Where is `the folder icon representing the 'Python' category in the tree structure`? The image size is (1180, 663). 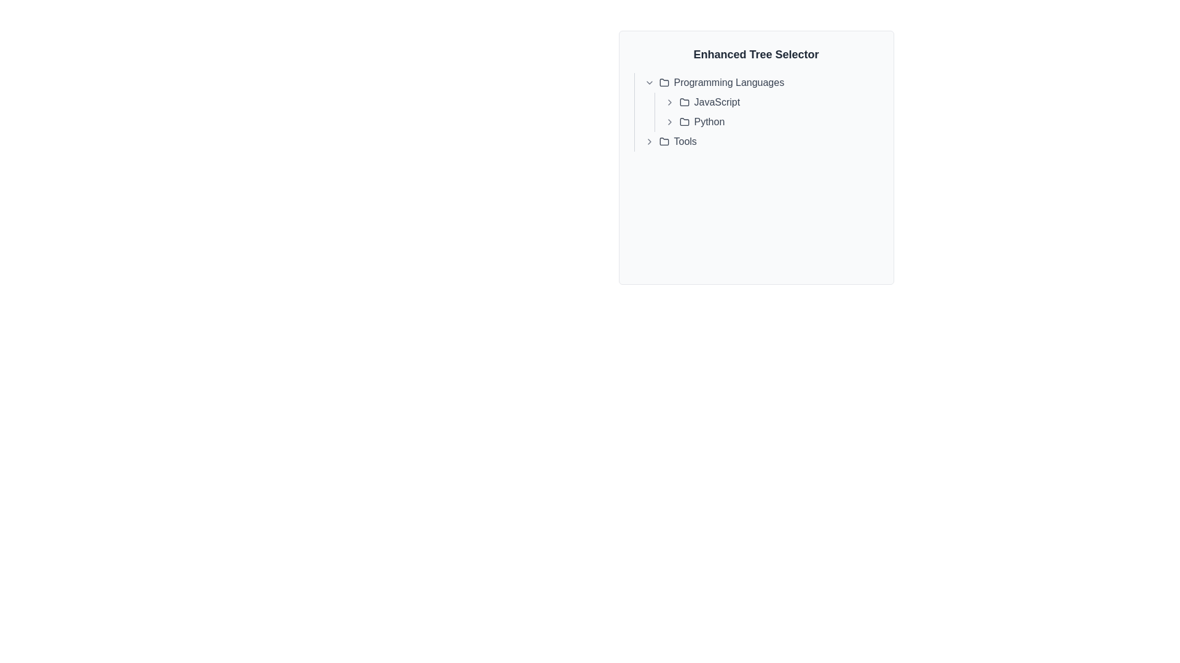 the folder icon representing the 'Python' category in the tree structure is located at coordinates (683, 122).